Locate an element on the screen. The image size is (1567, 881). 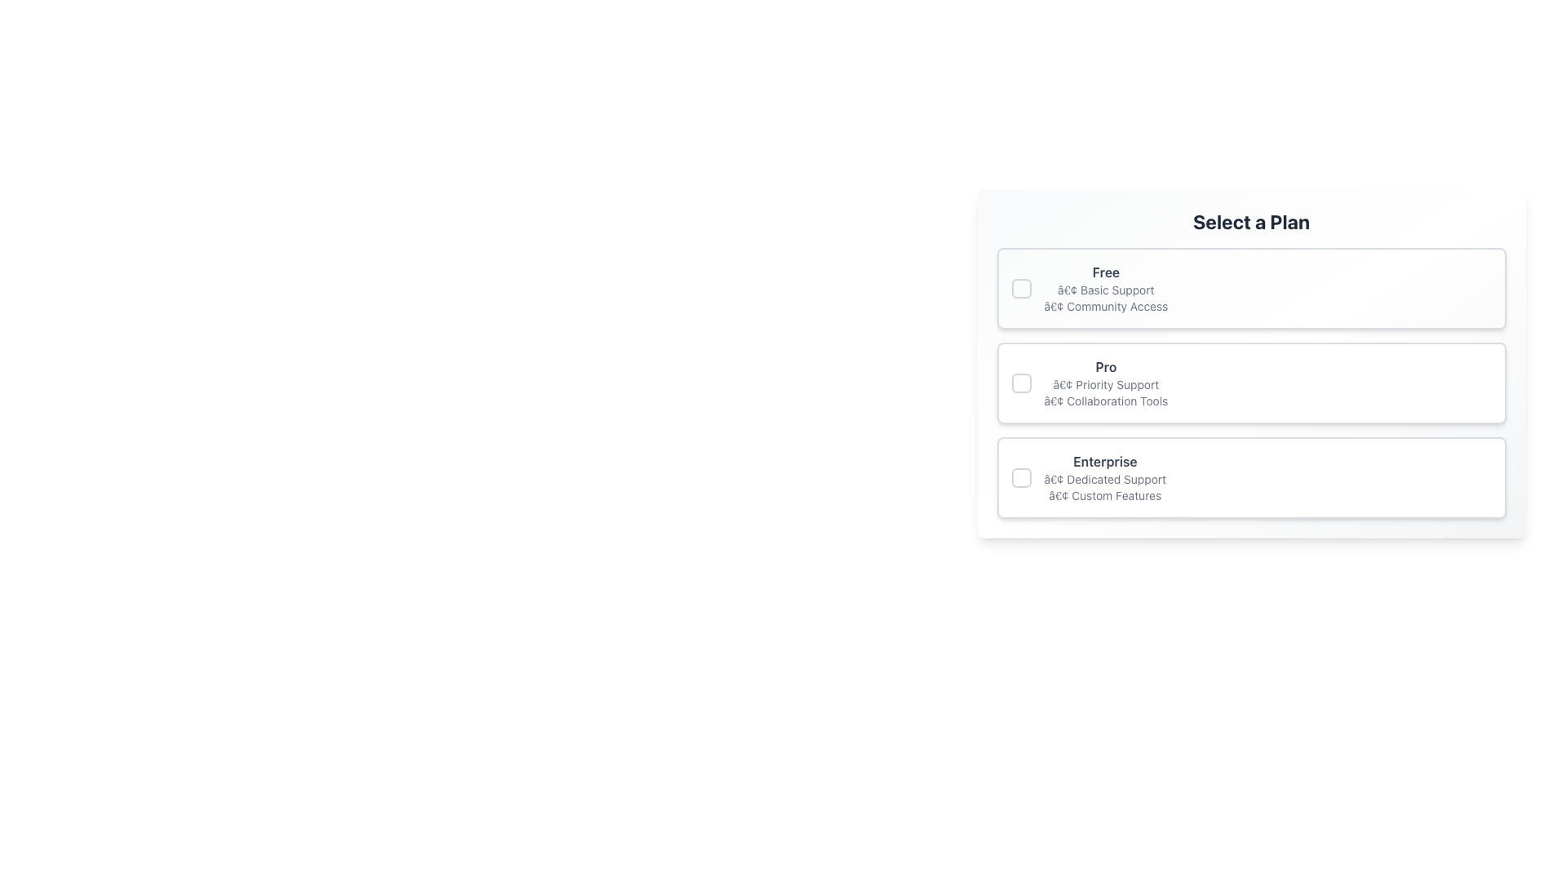
the title text for the 'Enterprise' pricing plan, which is centrally positioned above the features list including 'Dedicated Support' and 'Custom Features' is located at coordinates (1105, 462).